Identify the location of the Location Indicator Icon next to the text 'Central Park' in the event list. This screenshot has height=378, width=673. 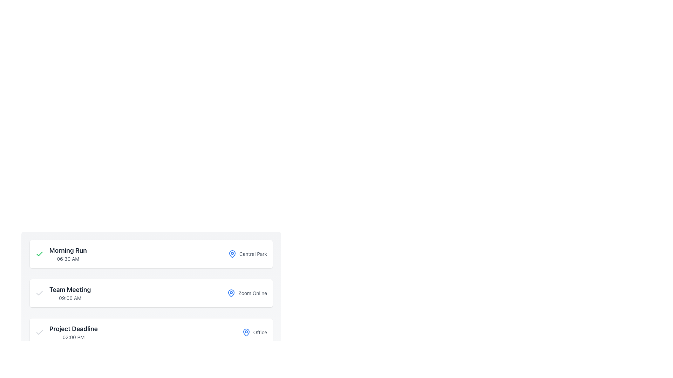
(232, 254).